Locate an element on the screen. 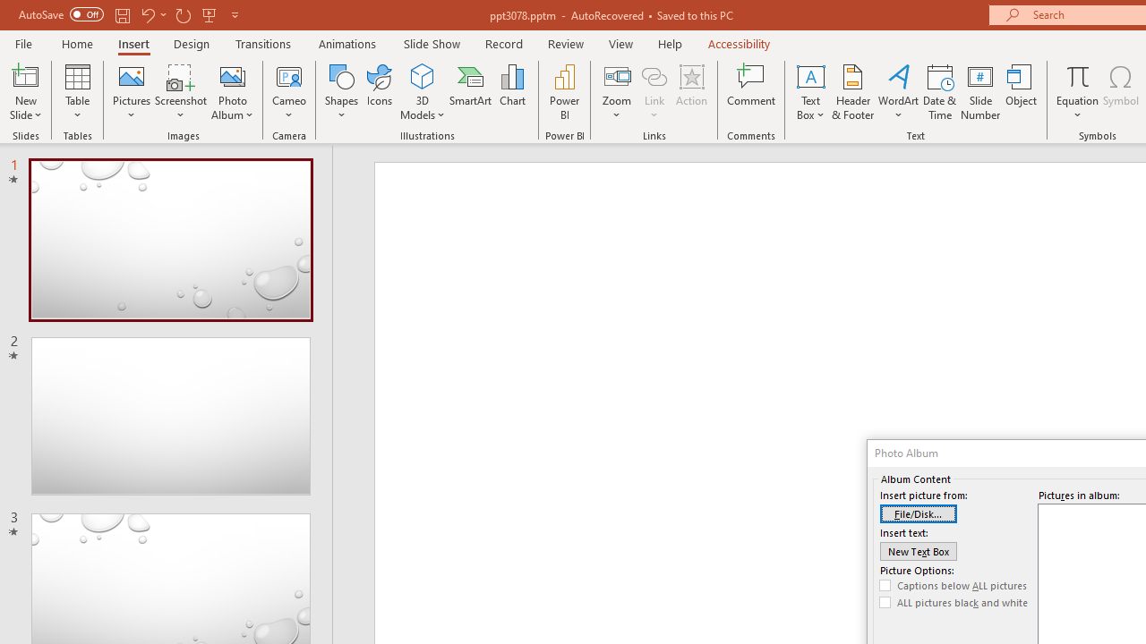  'Slide Number' is located at coordinates (979, 92).